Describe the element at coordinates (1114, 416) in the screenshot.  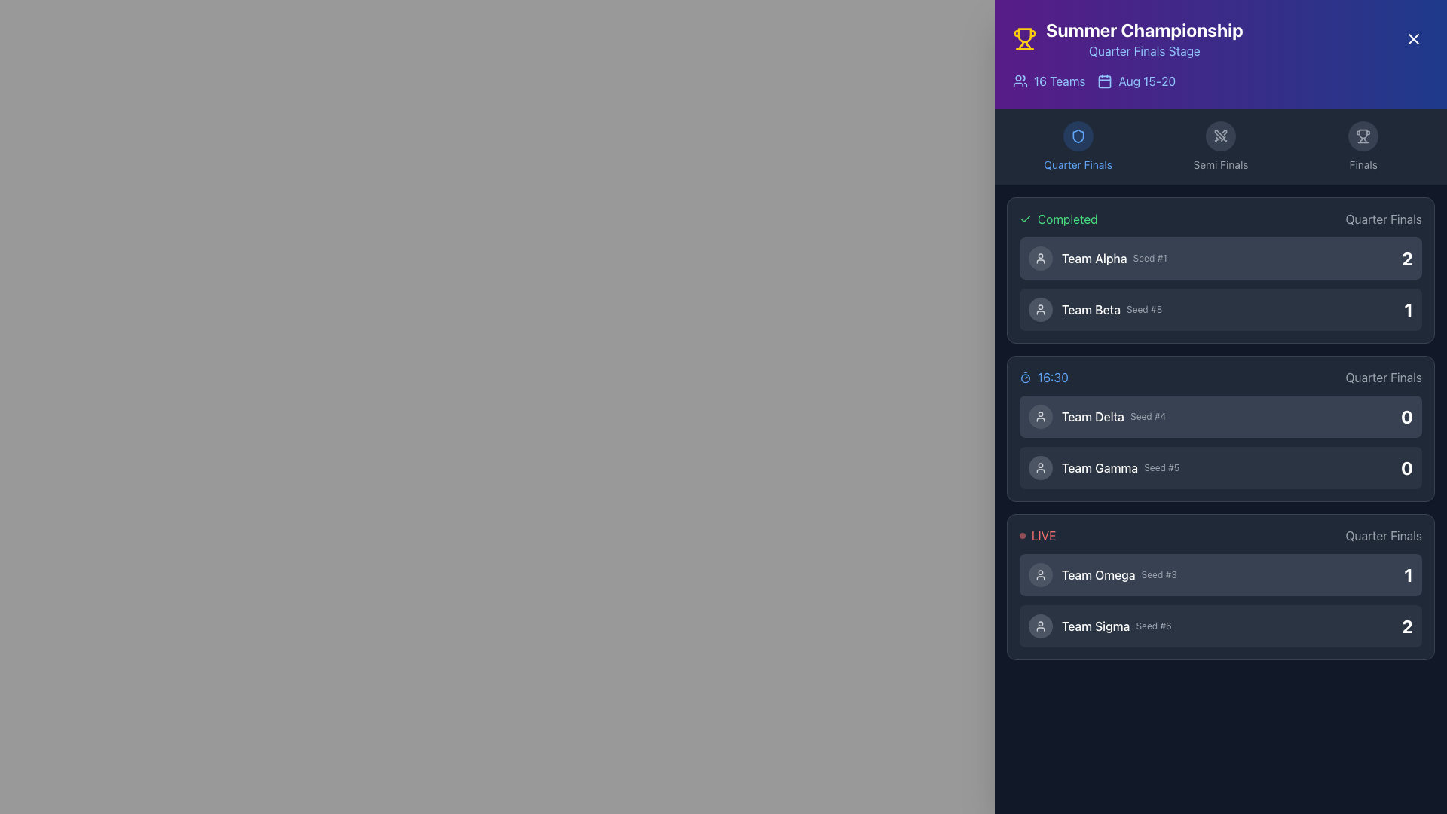
I see `displayed text of the 'Team Delta' label, which includes the team's name and seed number, located under the '16:30' section in the 'Quarter Finals' grouping` at that location.